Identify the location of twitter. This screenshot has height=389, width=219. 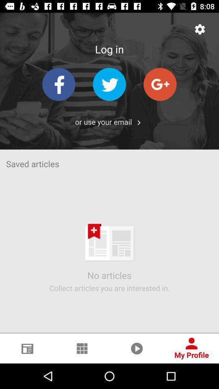
(109, 84).